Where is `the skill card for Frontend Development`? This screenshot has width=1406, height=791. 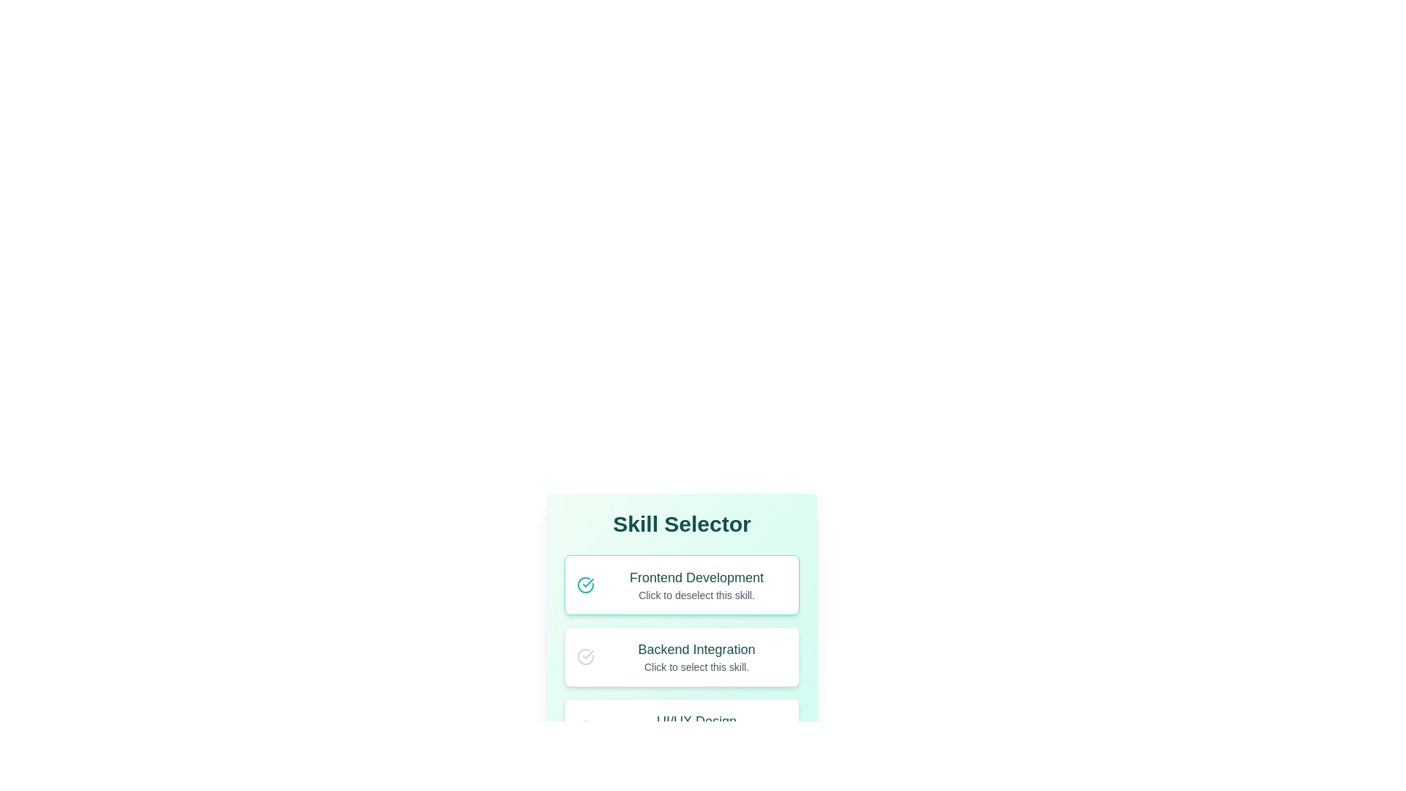
the skill card for Frontend Development is located at coordinates (681, 584).